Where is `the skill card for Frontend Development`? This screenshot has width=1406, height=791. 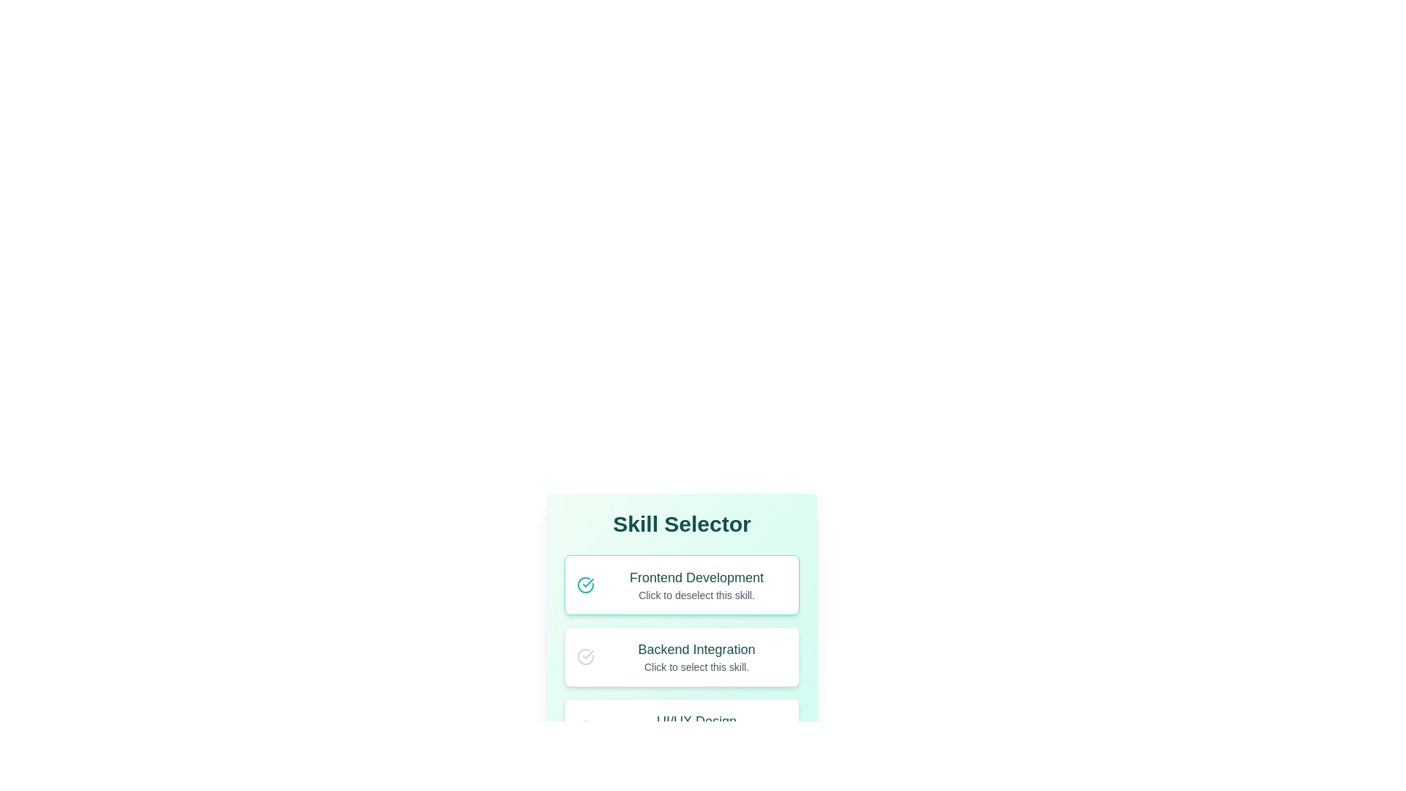
the skill card for Frontend Development is located at coordinates (681, 584).